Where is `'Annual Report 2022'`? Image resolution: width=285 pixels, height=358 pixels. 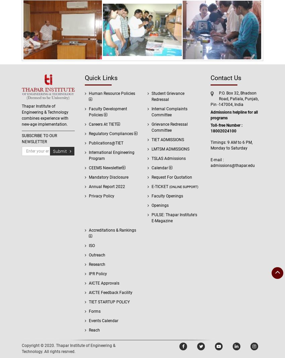 'Annual Report 2022' is located at coordinates (106, 186).